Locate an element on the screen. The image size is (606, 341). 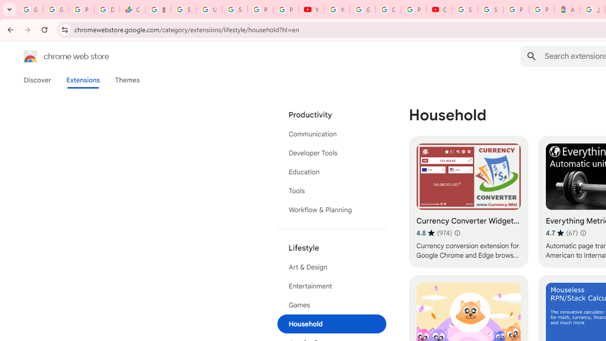
'Tools' is located at coordinates (331, 191).